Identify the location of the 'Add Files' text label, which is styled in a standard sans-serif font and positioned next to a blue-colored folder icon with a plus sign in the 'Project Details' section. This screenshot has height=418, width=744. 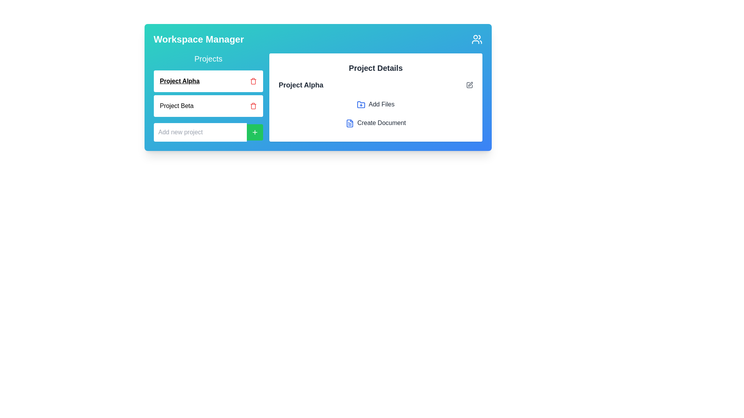
(381, 104).